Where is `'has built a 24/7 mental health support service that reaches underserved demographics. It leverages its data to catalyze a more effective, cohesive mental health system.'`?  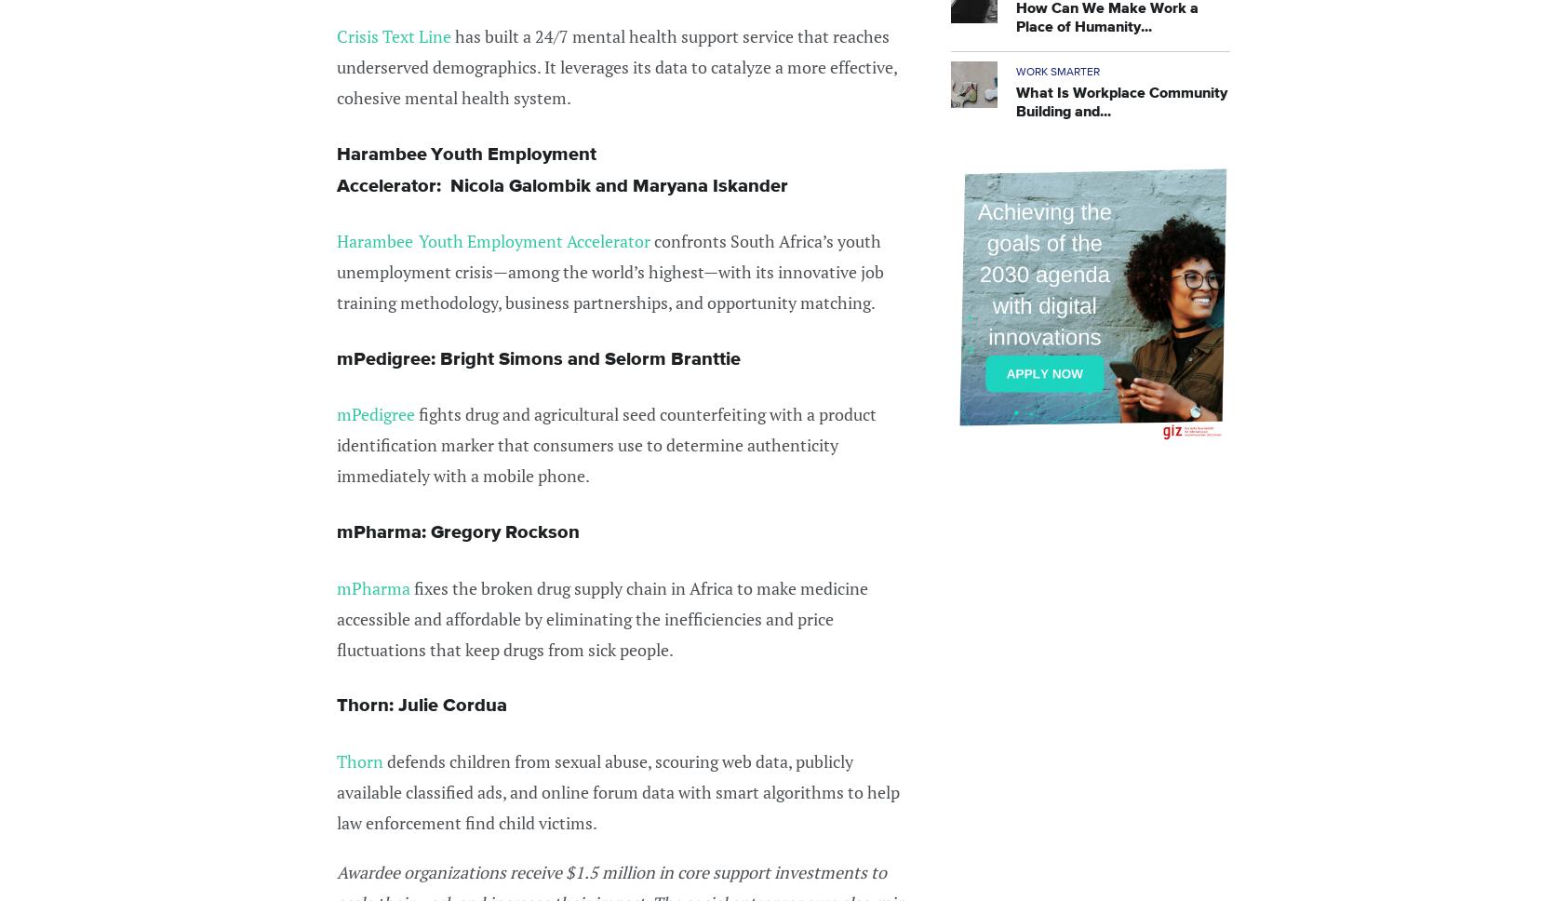 'has built a 24/7 mental health support service that reaches underserved demographics. It leverages its data to catalyze a more effective, cohesive mental health system.' is located at coordinates (616, 66).